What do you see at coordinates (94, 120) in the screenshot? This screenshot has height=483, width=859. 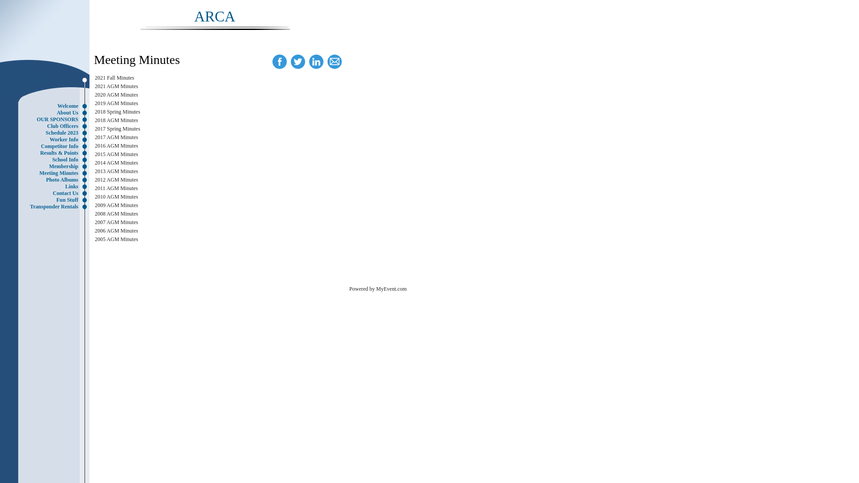 I see `'2018 AGM Minutes'` at bounding box center [94, 120].